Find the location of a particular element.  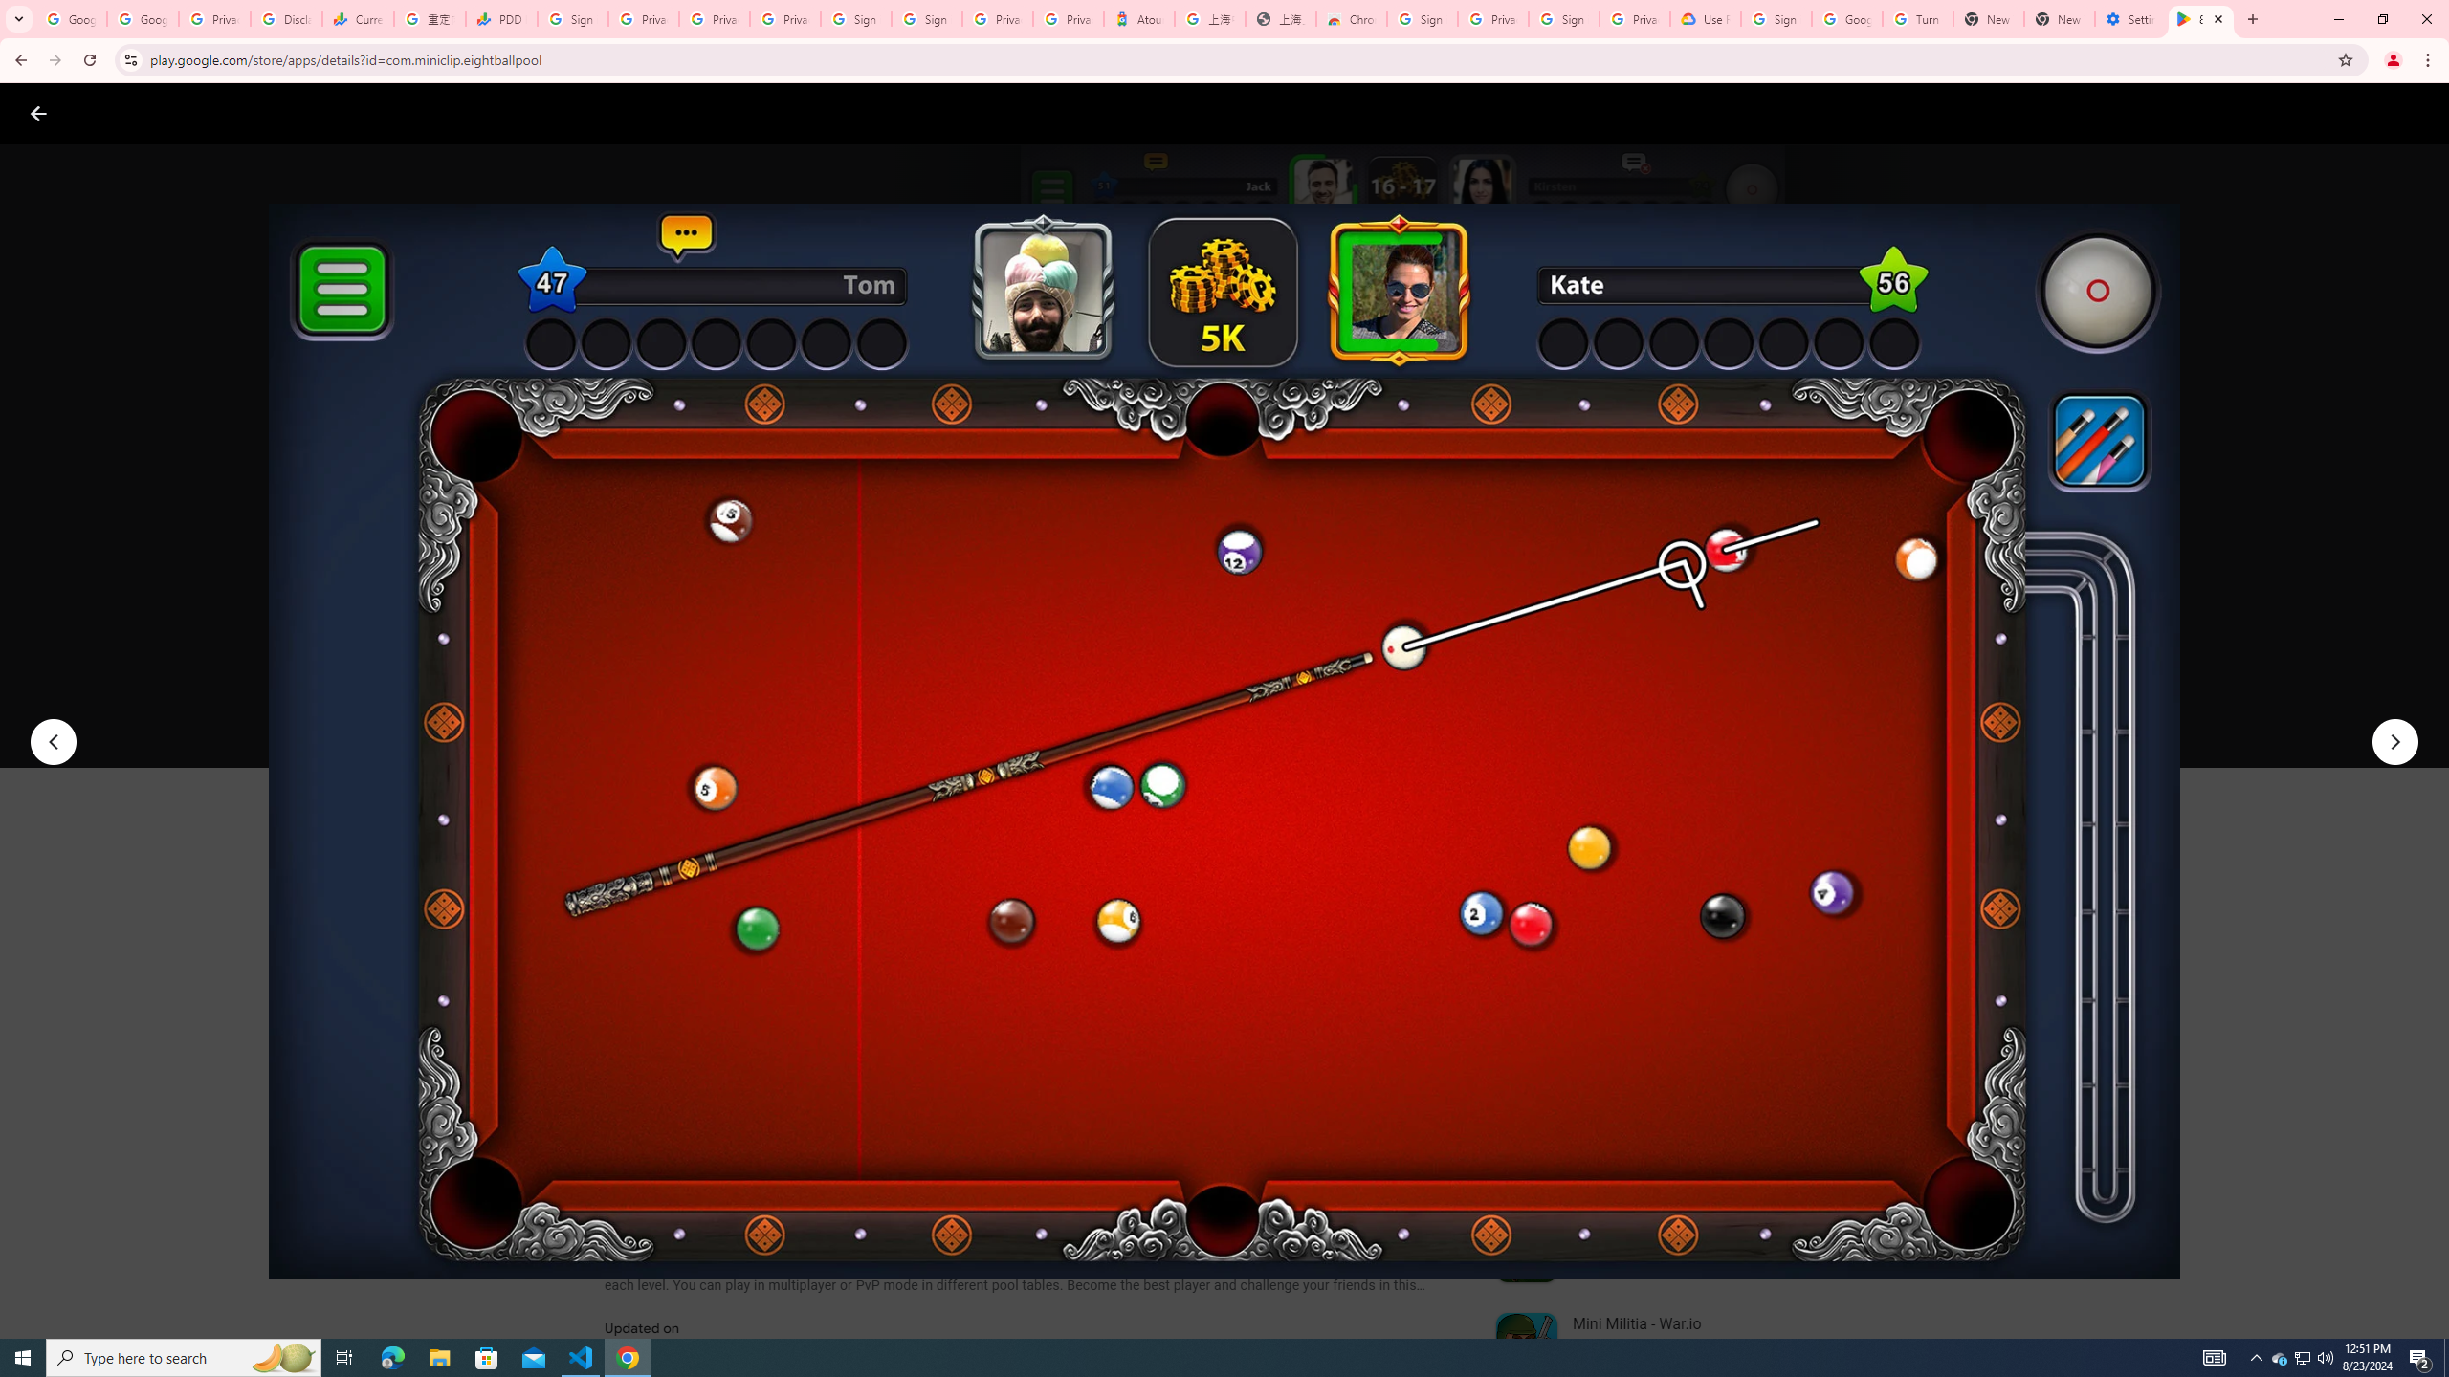

'Atour Hotel - Google hotels' is located at coordinates (1138, 18).